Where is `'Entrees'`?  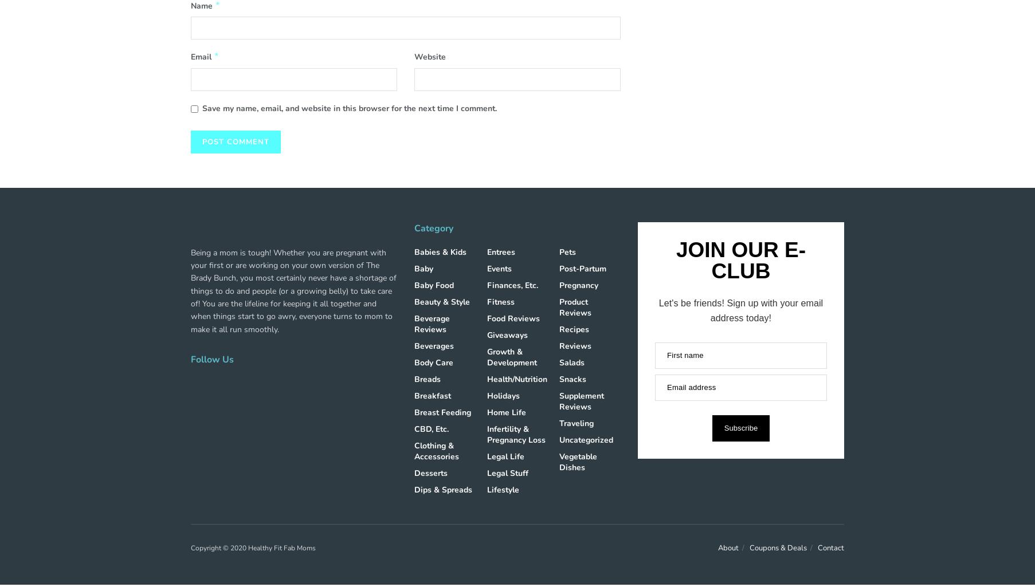
'Entrees' is located at coordinates (500, 251).